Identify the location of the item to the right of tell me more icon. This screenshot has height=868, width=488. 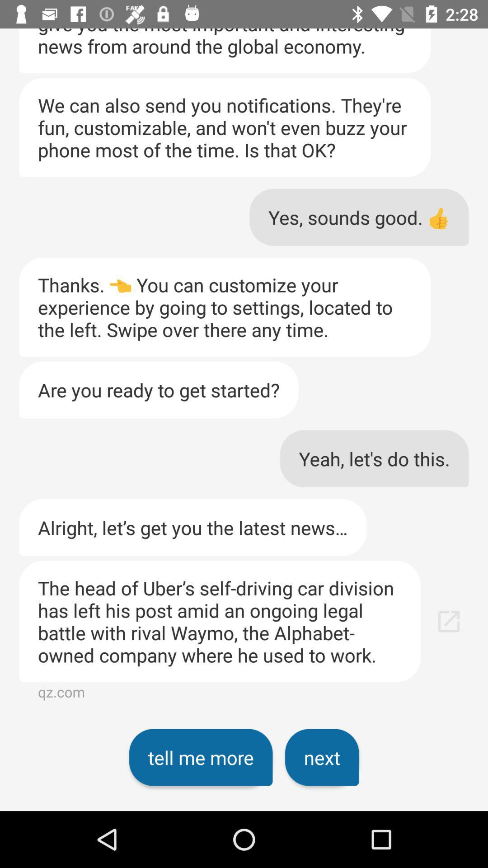
(321, 757).